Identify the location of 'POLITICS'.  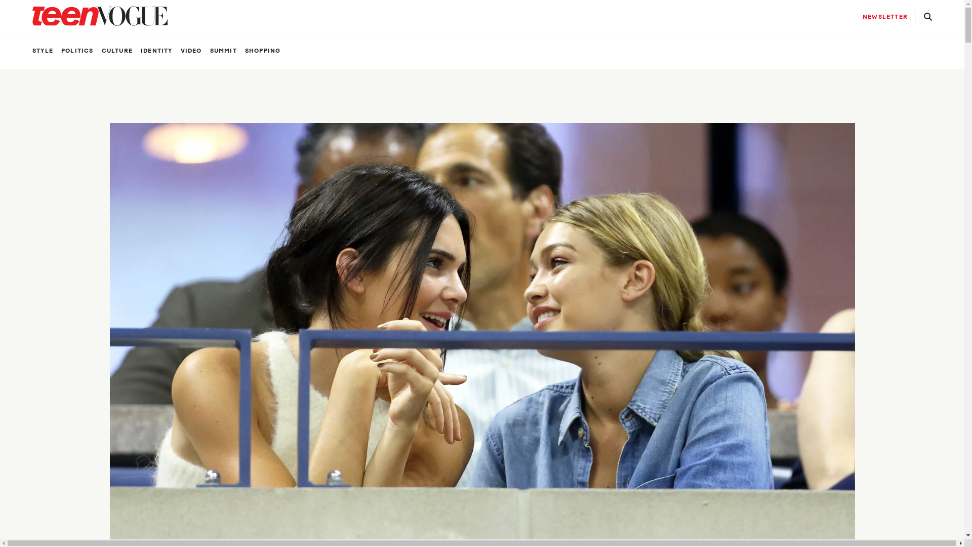
(77, 51).